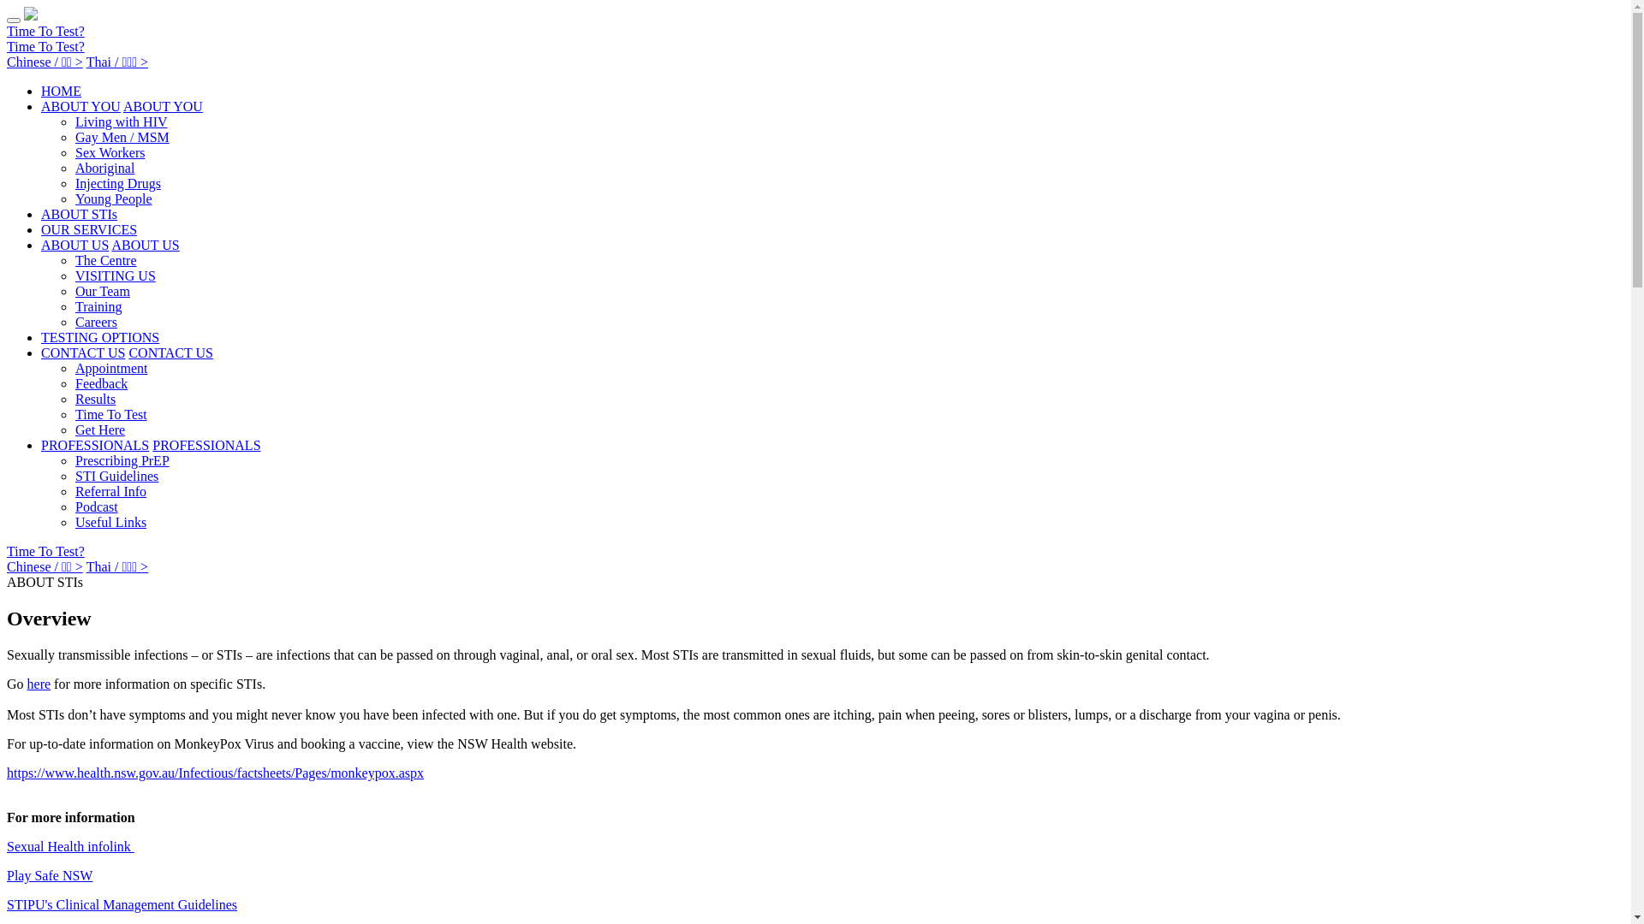 This screenshot has height=924, width=1644. What do you see at coordinates (45, 551) in the screenshot?
I see `'Time To Test?'` at bounding box center [45, 551].